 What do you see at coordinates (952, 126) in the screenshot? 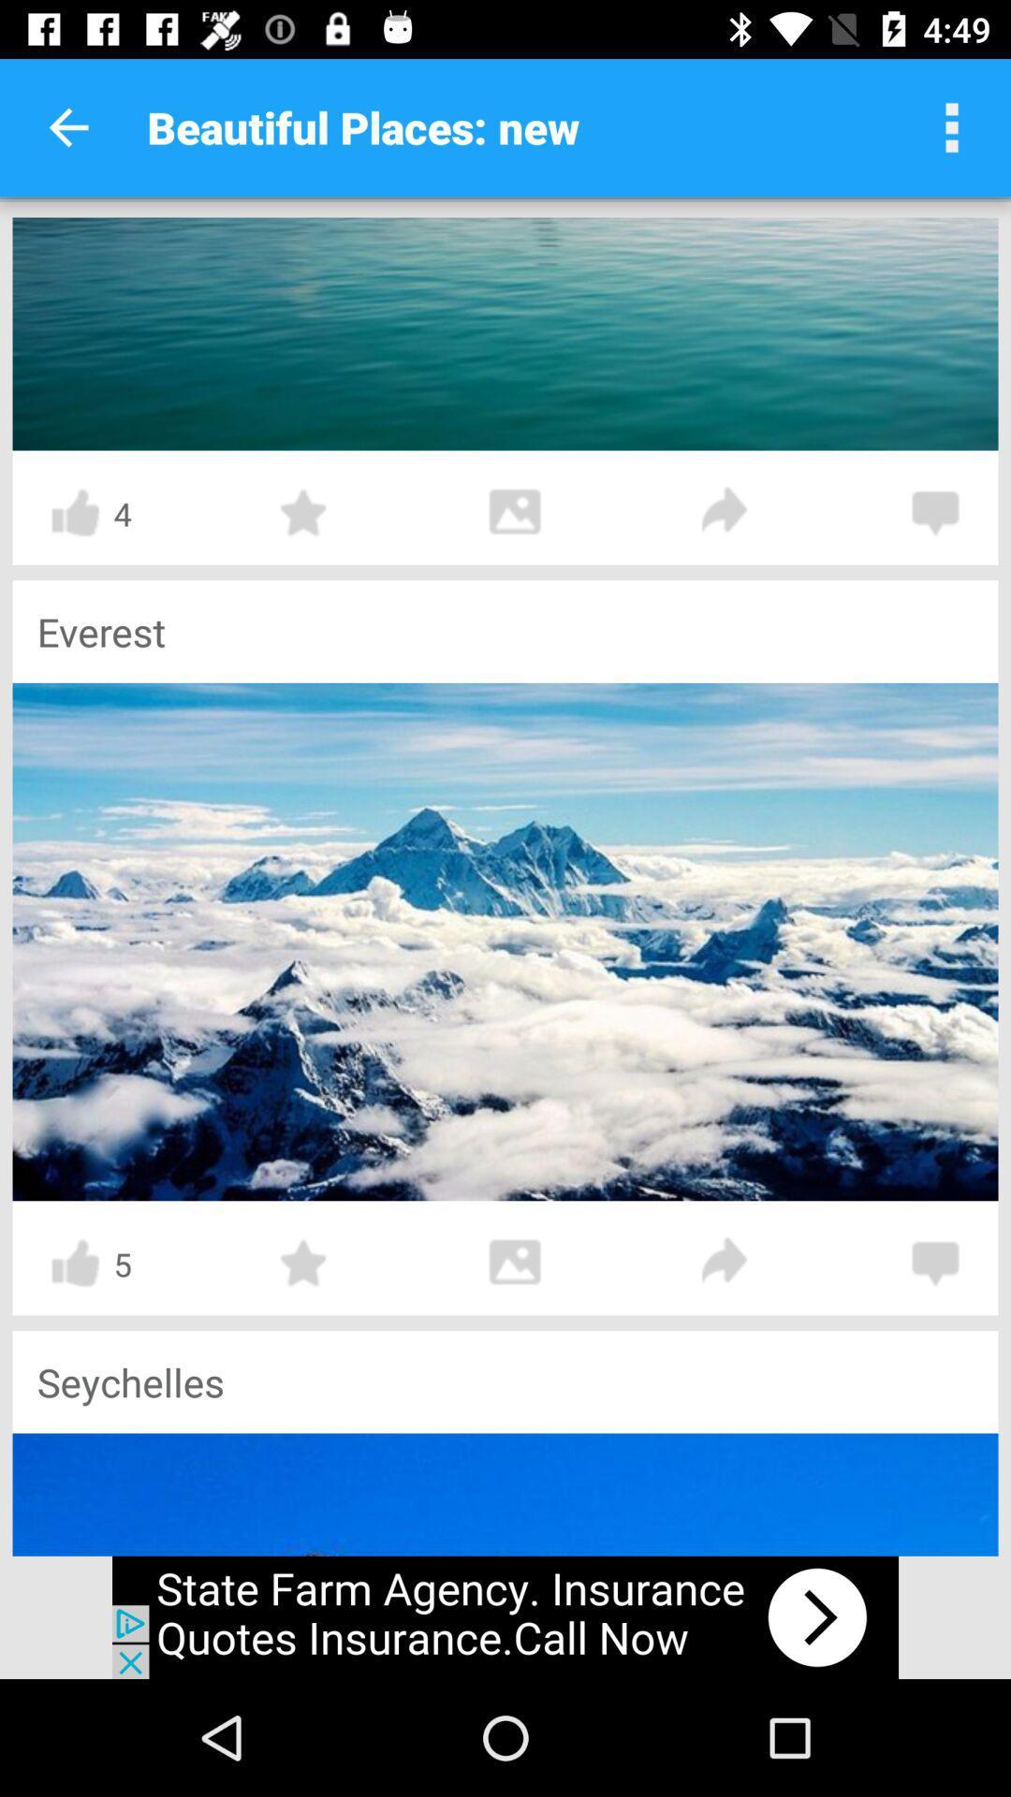
I see `settings` at bounding box center [952, 126].